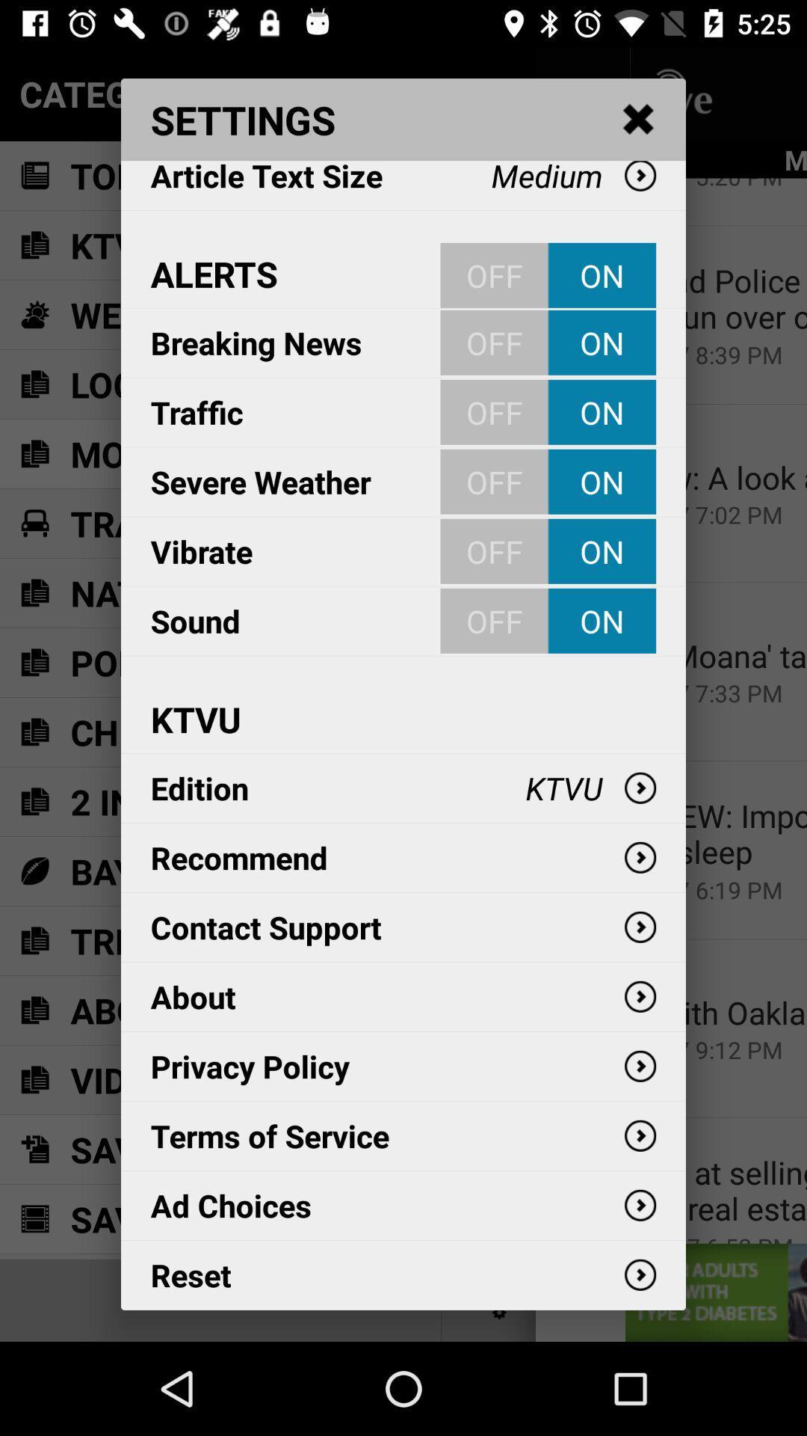  What do you see at coordinates (639, 120) in the screenshot?
I see `item to the right of settings item` at bounding box center [639, 120].